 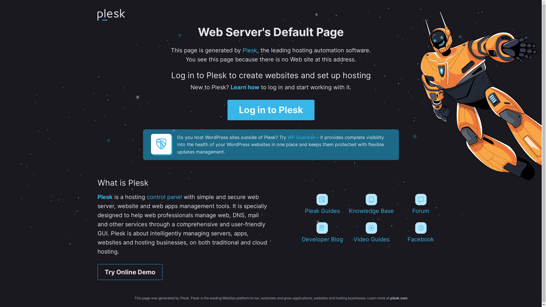 I want to click on 'plesk.com', so click(x=398, y=298).